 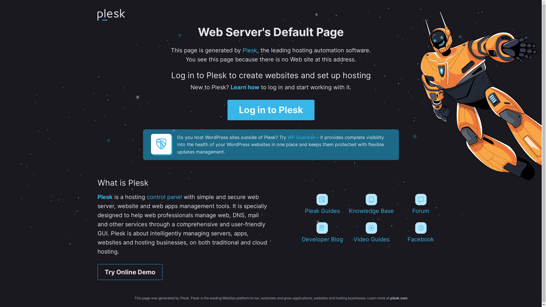 I want to click on 'plesk.com', so click(x=398, y=298).